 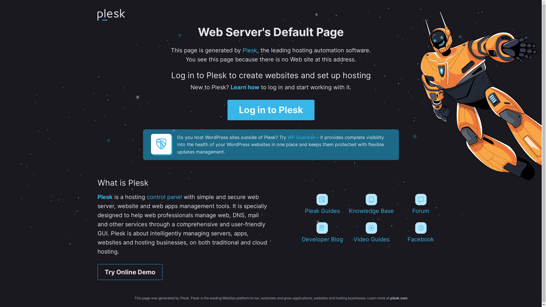 I want to click on 'plesk.com', so click(x=398, y=298).